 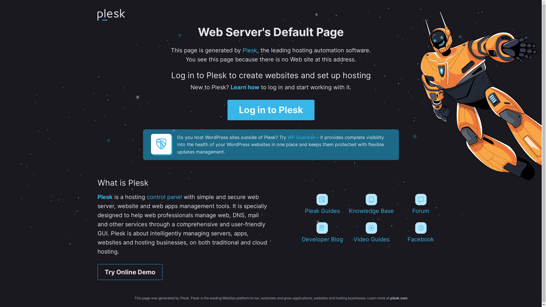 I want to click on 'plesk.com', so click(x=398, y=298).